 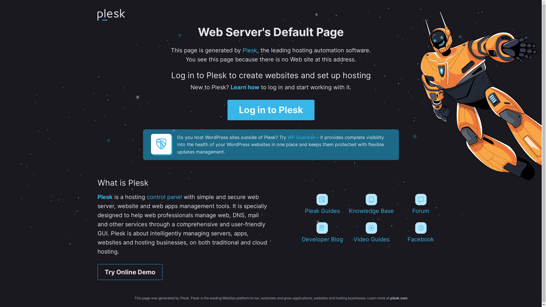 I want to click on 'plesk.com', so click(x=398, y=298).